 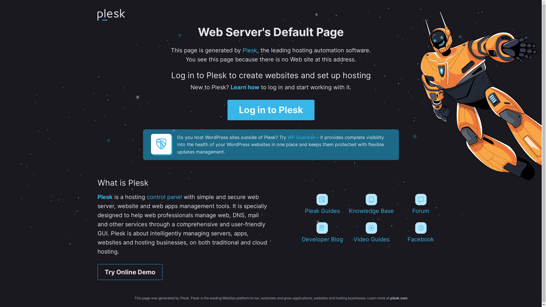 I want to click on 'plesk.com', so click(x=398, y=298).